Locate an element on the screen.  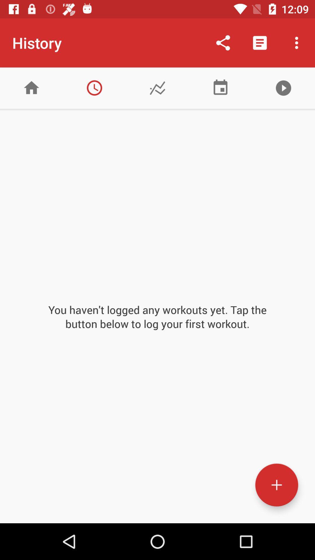
the app to the right of the history app is located at coordinates (223, 43).